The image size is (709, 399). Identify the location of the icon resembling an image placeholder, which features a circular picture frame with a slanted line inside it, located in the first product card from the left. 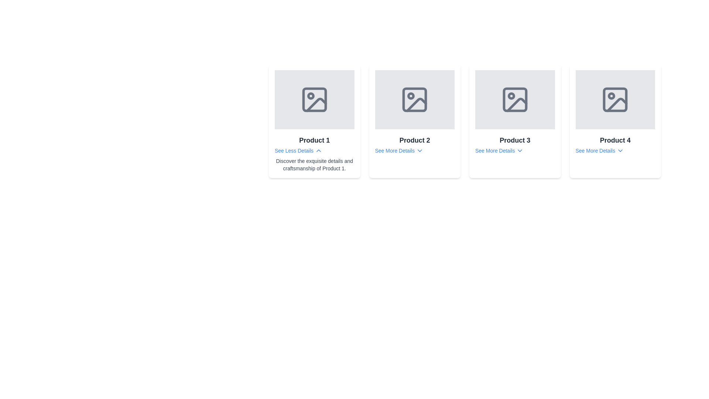
(314, 100).